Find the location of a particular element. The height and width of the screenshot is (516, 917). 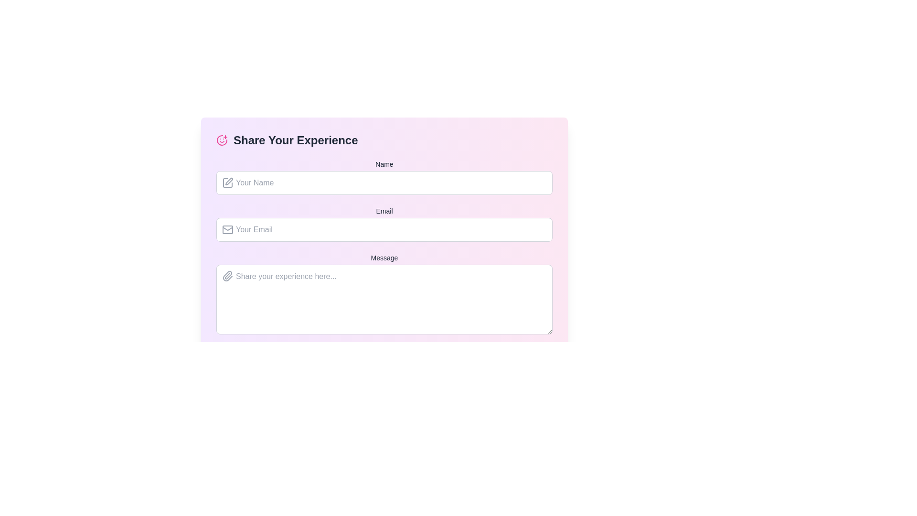

the paperclip icon located in the 'Message' input field, which is represented by a minimalistic gray icon adjacent to the text box is located at coordinates (227, 276).